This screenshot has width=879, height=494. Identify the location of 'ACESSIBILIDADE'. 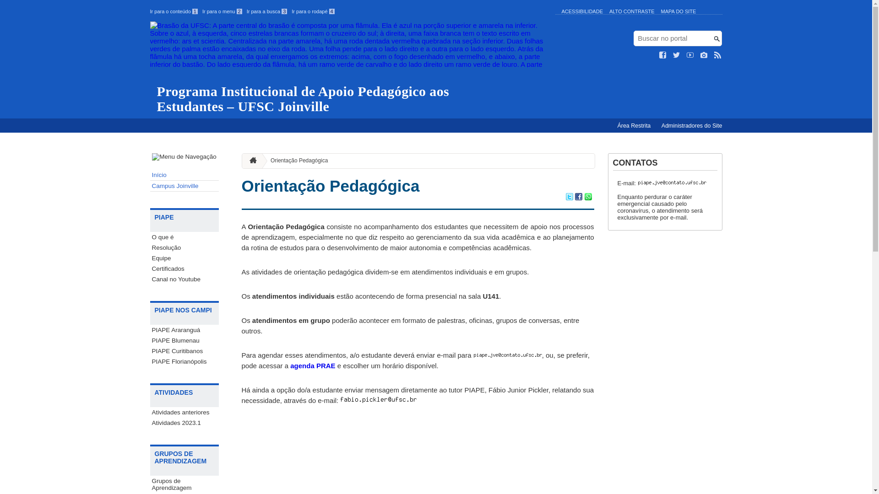
(581, 11).